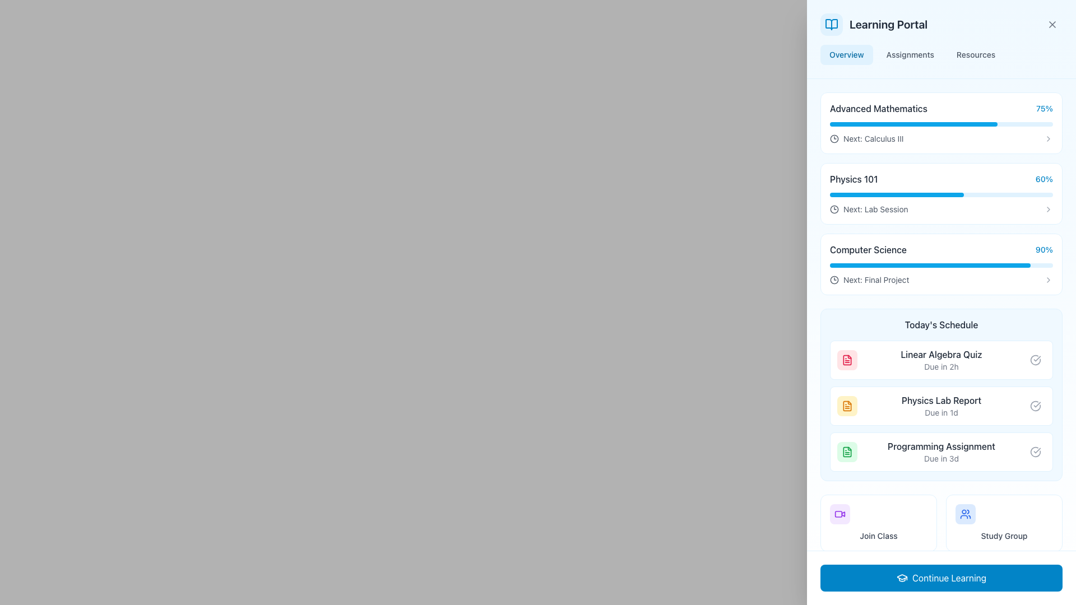 The height and width of the screenshot is (605, 1076). What do you see at coordinates (941, 193) in the screenshot?
I see `progress details of the progress list component that displays completion percentages for Advanced Mathematics, Physics 101, and Computer Science, located in the main content area under the navigation tabs` at bounding box center [941, 193].